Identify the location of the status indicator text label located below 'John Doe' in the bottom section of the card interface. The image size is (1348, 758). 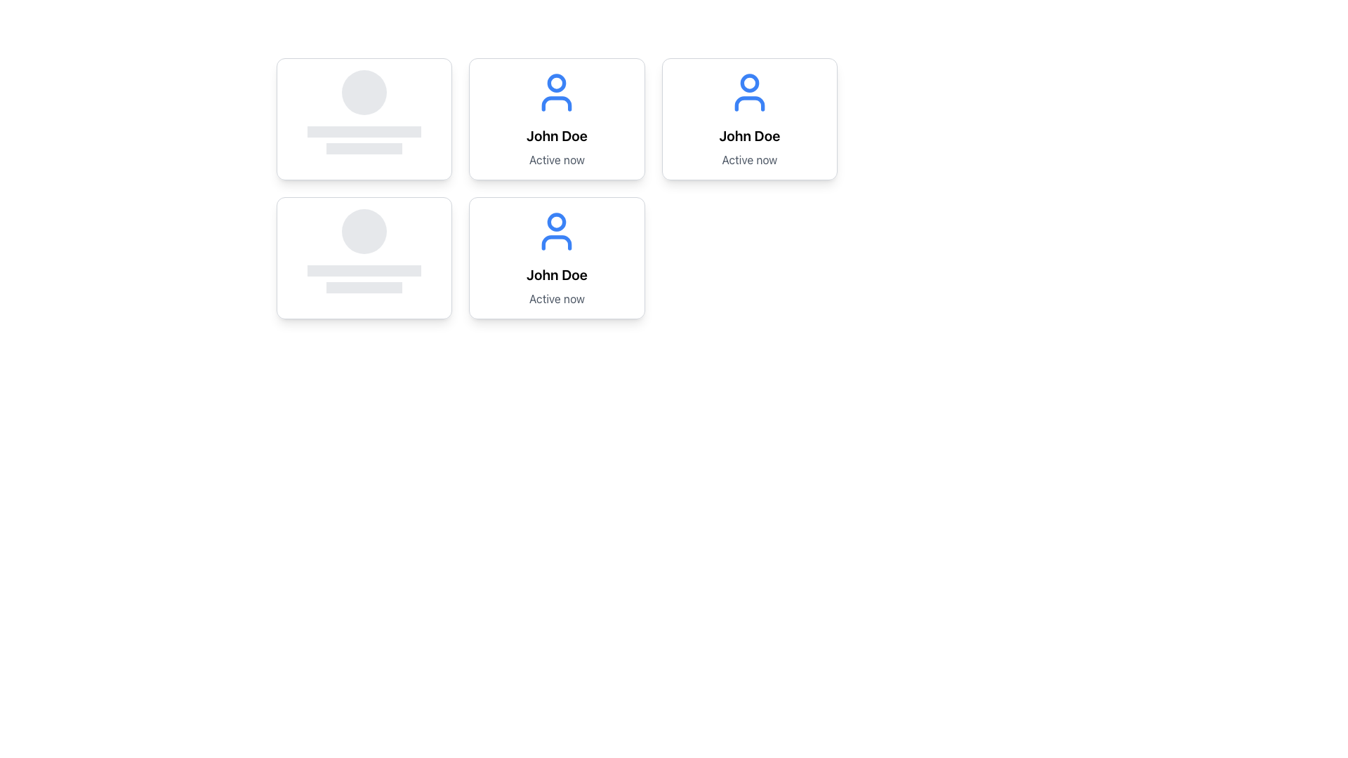
(556, 298).